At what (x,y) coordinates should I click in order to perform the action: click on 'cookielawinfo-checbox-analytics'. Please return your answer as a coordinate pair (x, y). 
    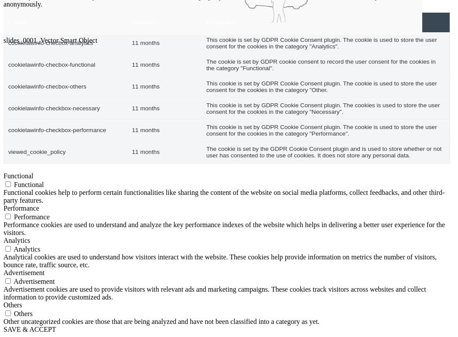
    Looking at the image, I should click on (50, 43).